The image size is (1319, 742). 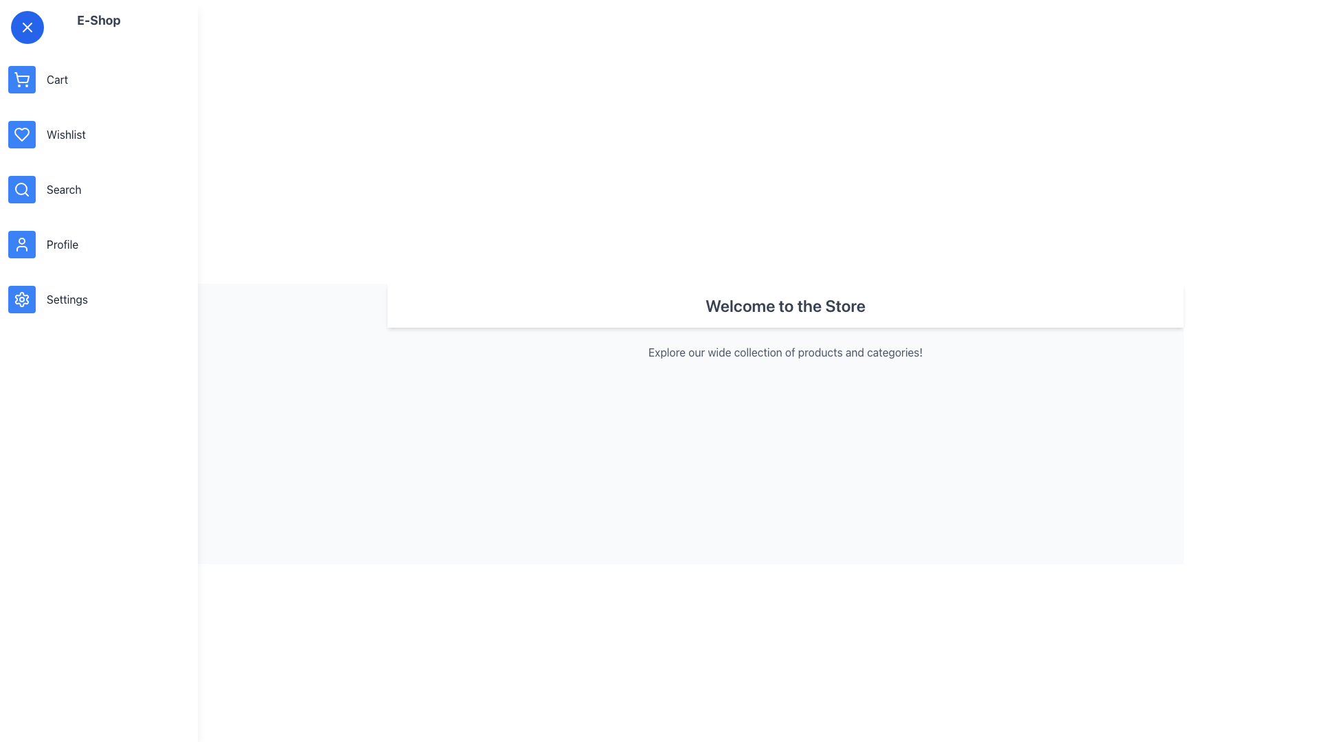 What do you see at coordinates (785, 304) in the screenshot?
I see `the text block displaying 'Welcome to the Store', which is styled with a bold font and located at the top section of the main content area` at bounding box center [785, 304].